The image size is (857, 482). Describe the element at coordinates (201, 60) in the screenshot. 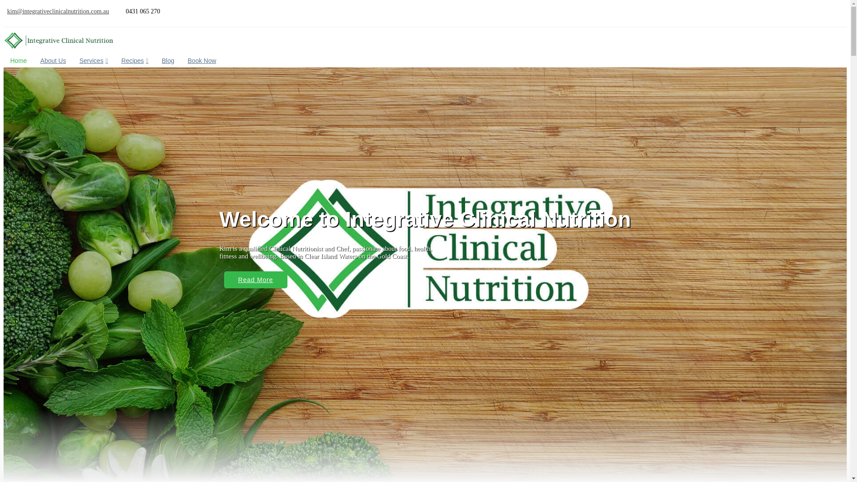

I see `'Book Now'` at that location.